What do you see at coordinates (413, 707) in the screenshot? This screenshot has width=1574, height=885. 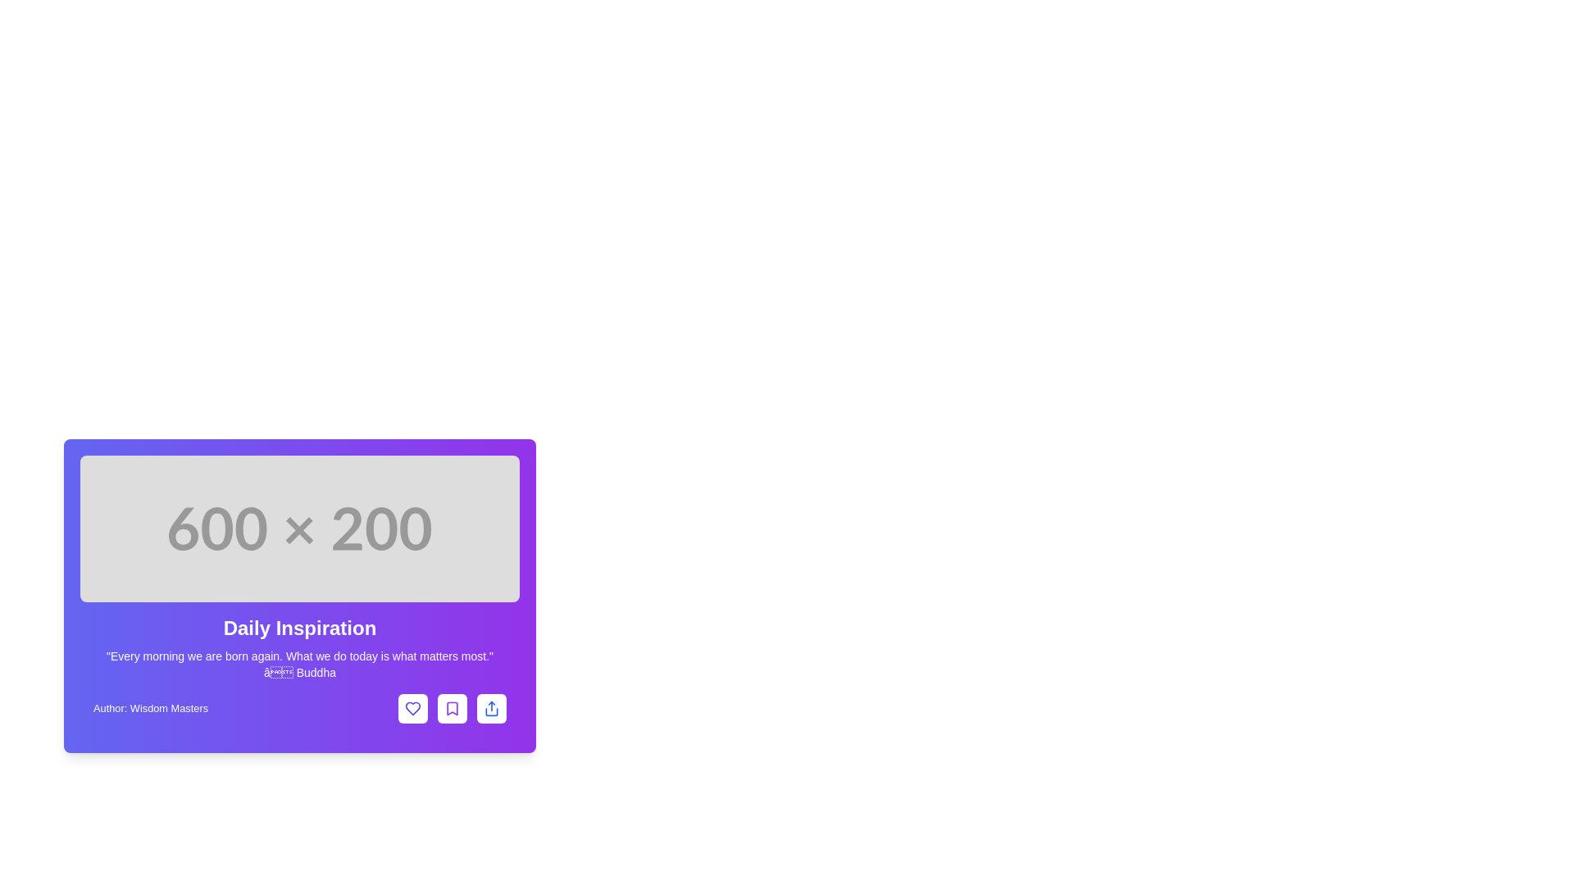 I see `the 'like' or 'favorite' icon located` at bounding box center [413, 707].